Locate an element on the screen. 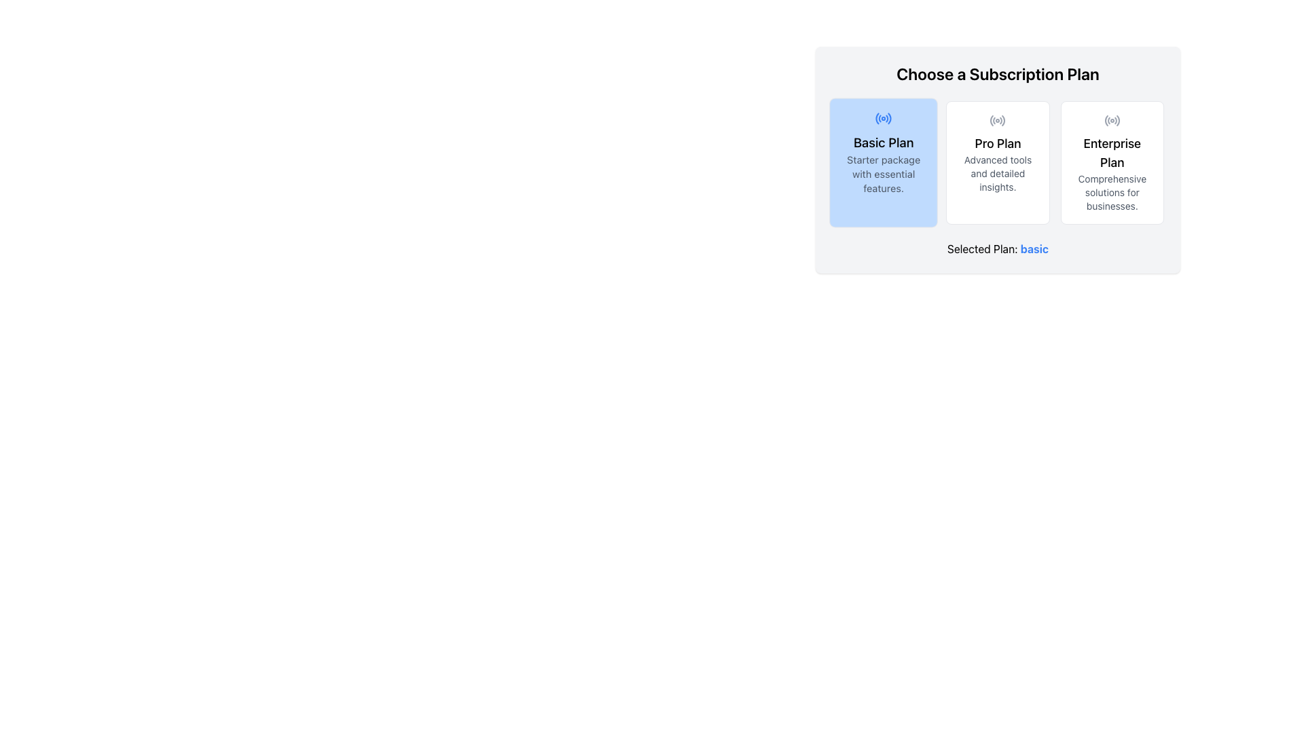 The height and width of the screenshot is (733, 1304). descriptive text label that states 'Comprehensive solutions for businesses.' located beneath the 'Enterprise Plan' heading in the subscription plan selection component is located at coordinates (1112, 193).